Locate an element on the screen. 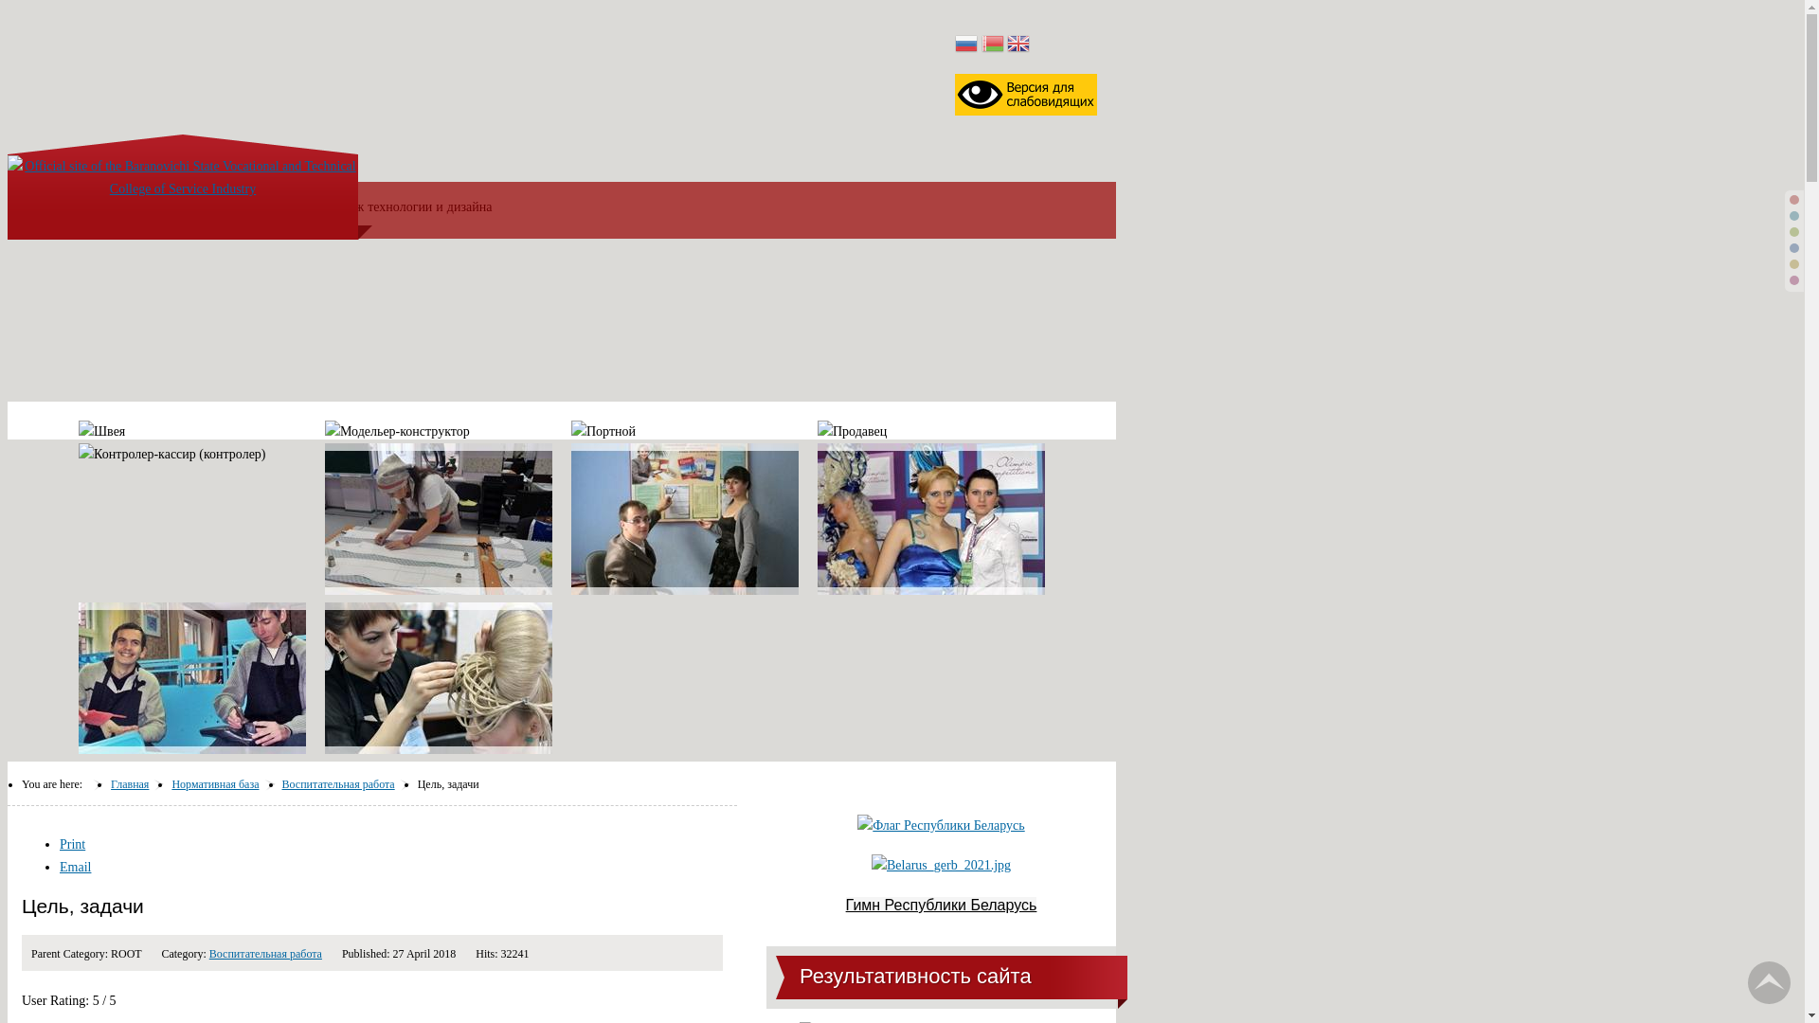  'English' is located at coordinates (1018, 44).